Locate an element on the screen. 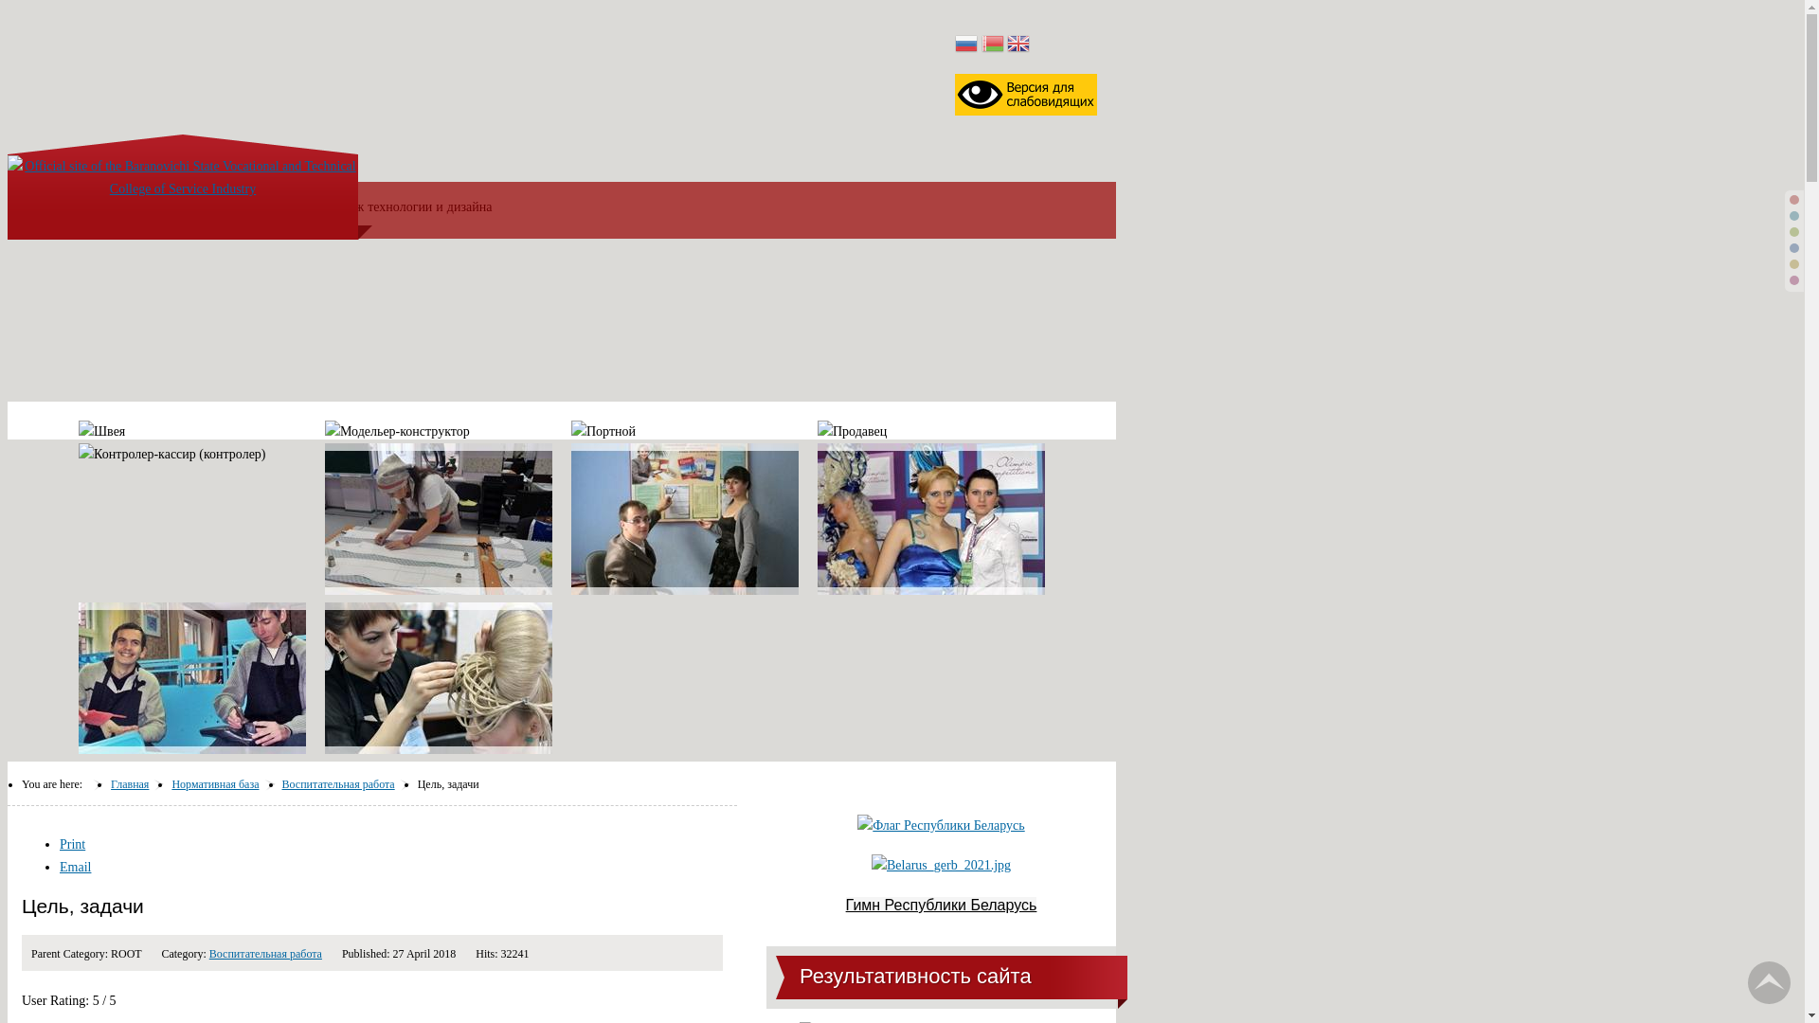  'English' is located at coordinates (1018, 44).